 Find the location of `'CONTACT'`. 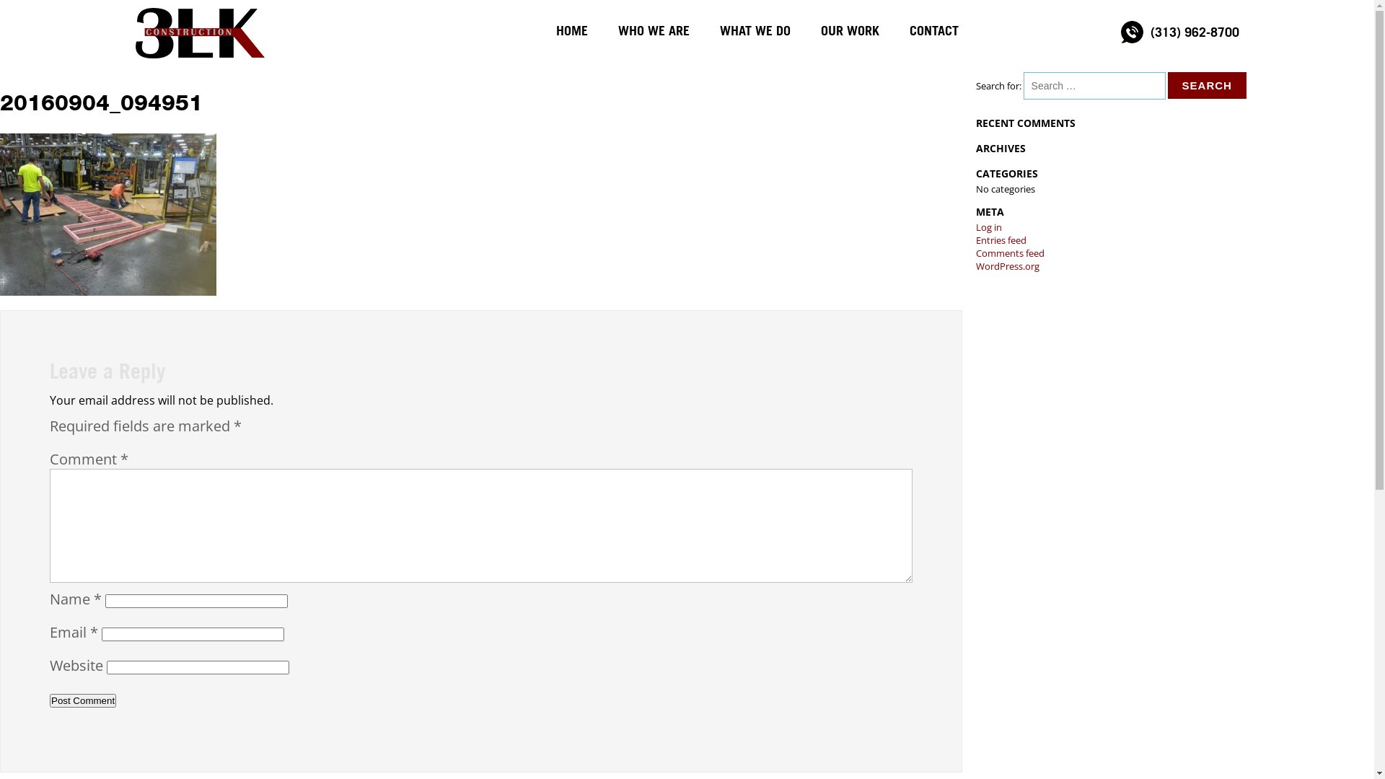

'CONTACT' is located at coordinates (933, 30).